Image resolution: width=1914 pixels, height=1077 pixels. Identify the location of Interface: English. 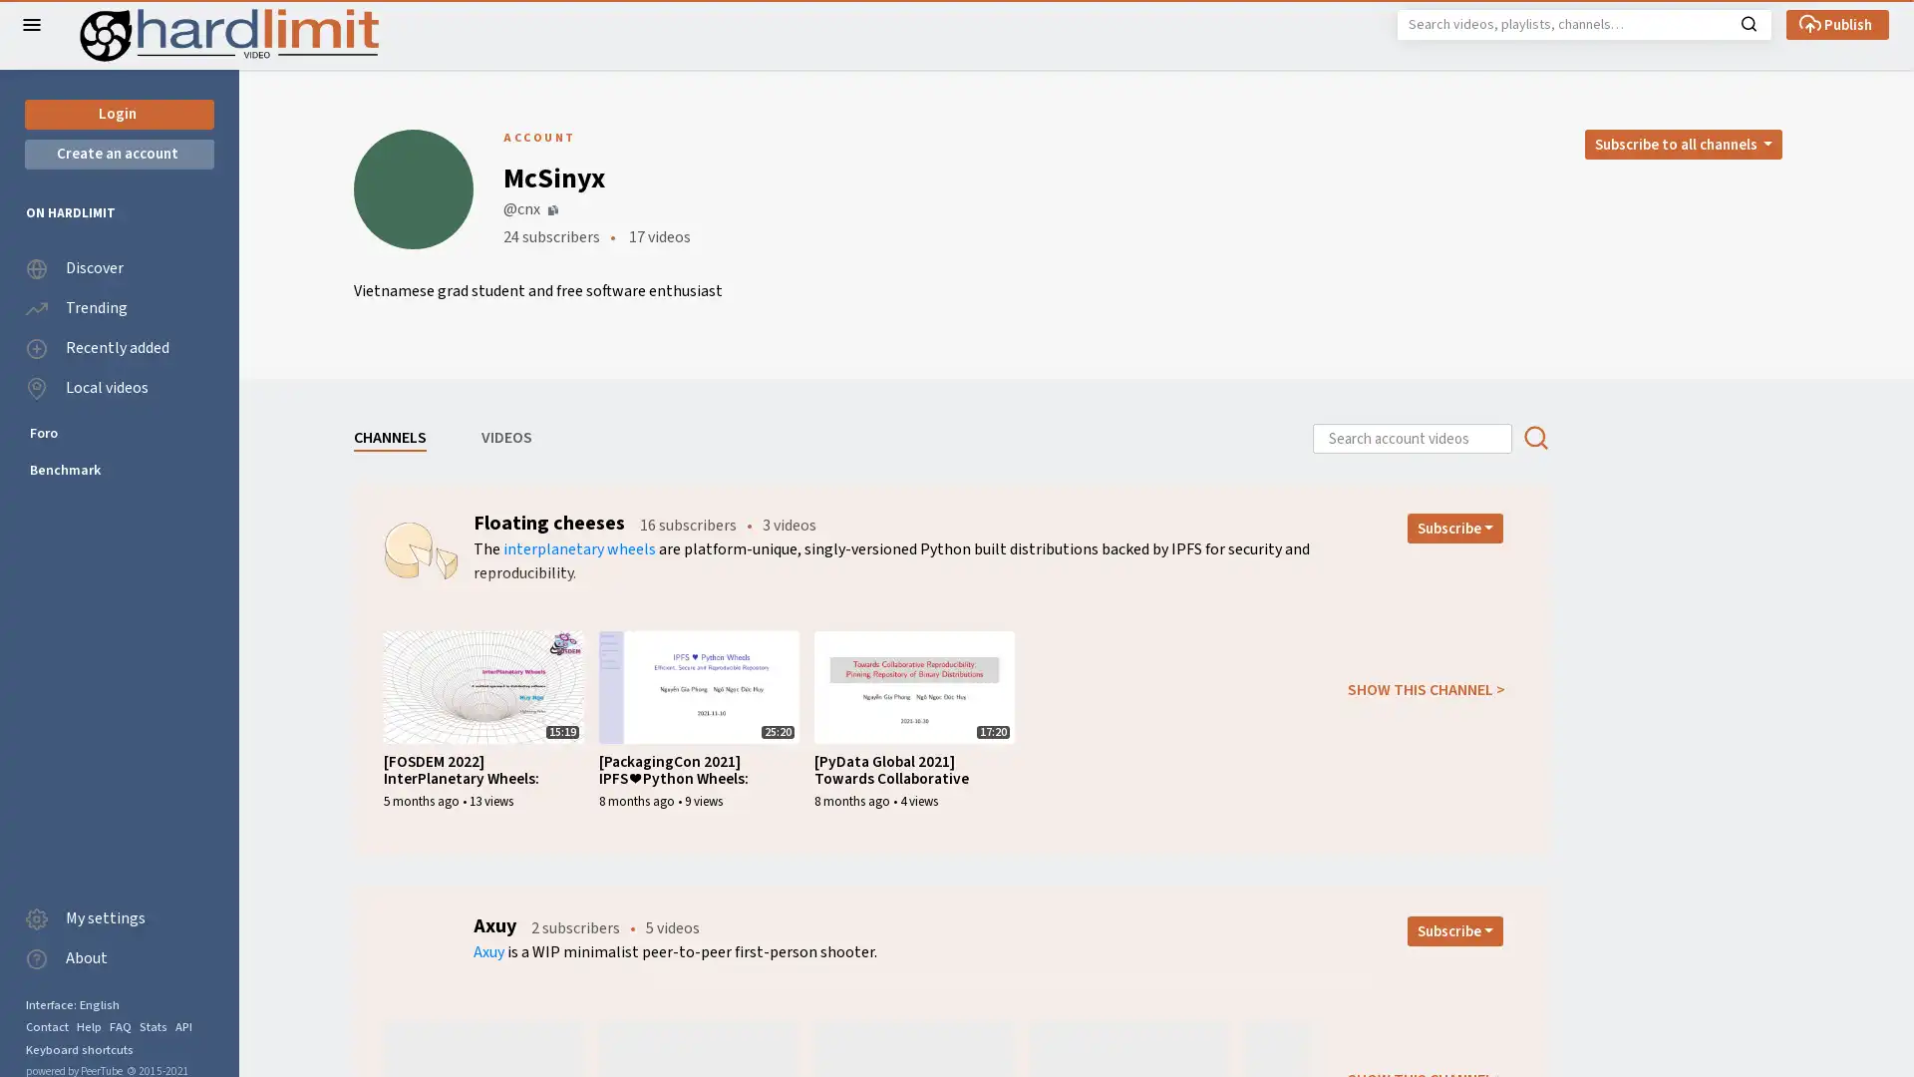
(72, 1004).